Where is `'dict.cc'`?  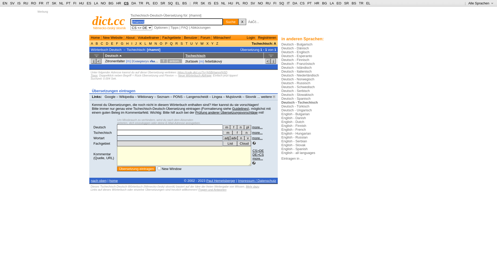
'dict.cc' is located at coordinates (108, 20).